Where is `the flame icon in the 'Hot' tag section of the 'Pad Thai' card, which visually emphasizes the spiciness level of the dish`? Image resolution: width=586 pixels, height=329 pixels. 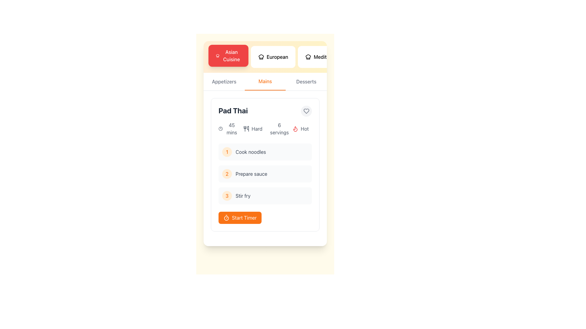
the flame icon in the 'Hot' tag section of the 'Pad Thai' card, which visually emphasizes the spiciness level of the dish is located at coordinates (295, 129).